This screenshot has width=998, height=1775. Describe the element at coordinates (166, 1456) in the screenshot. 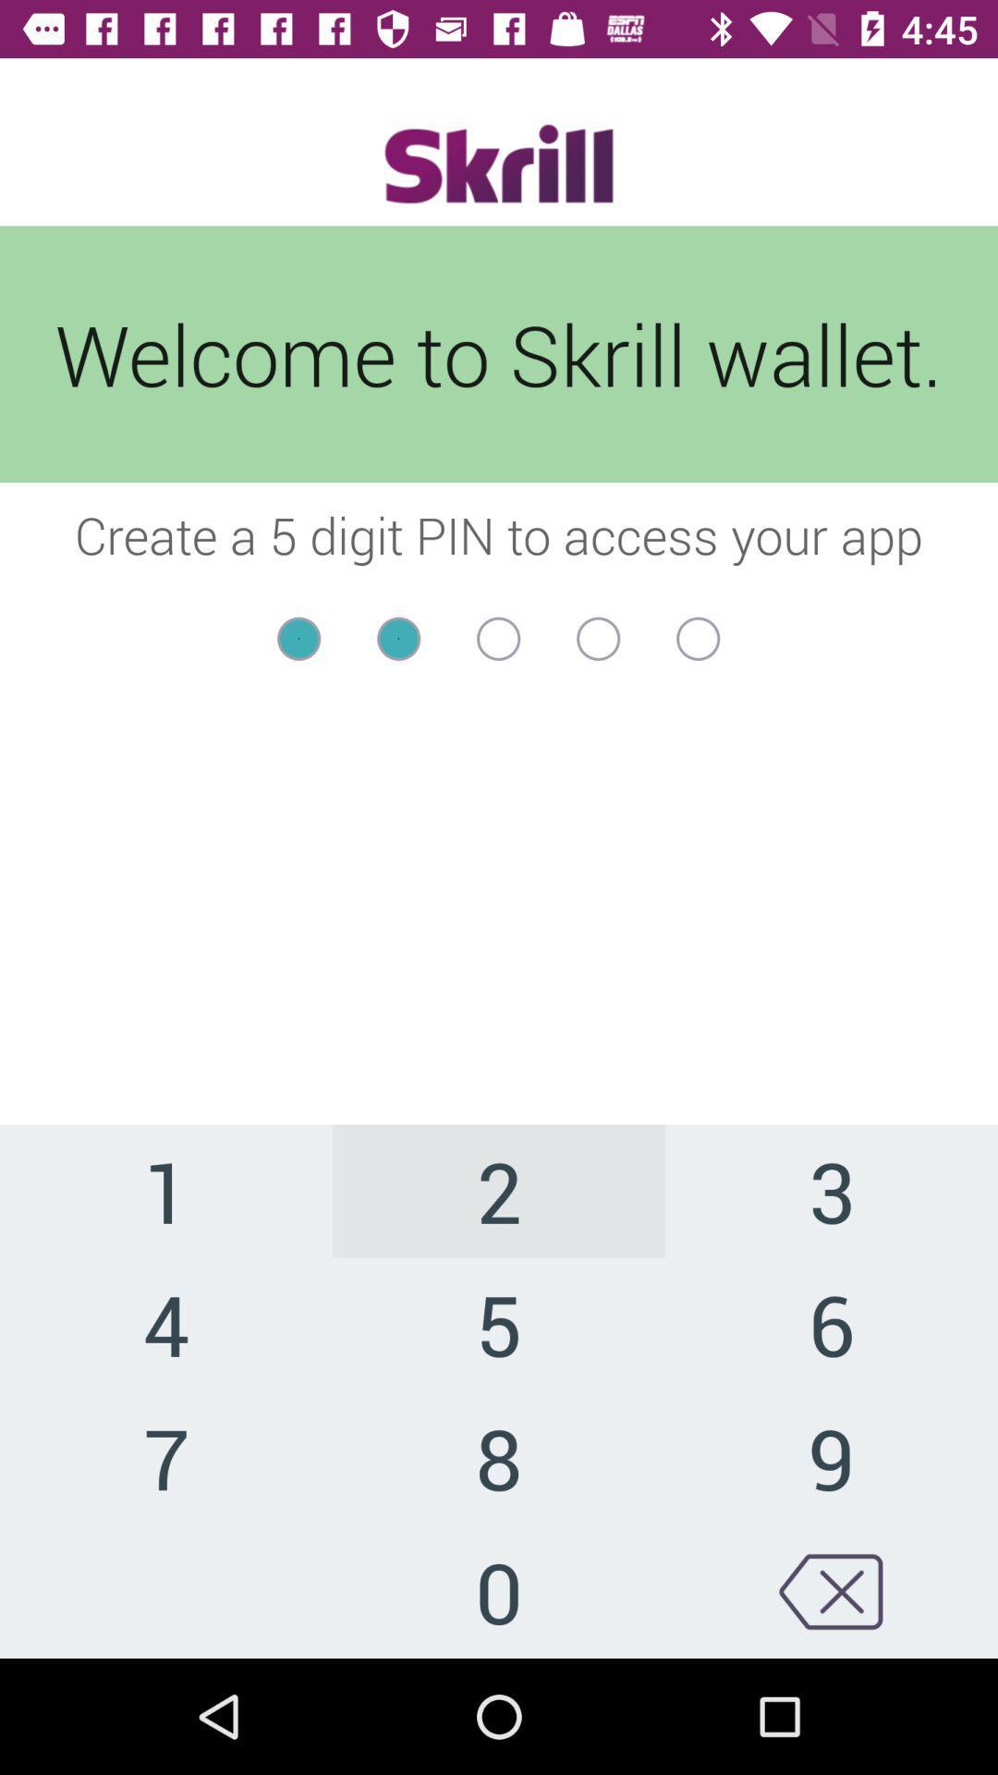

I see `item to the left of the 5 item` at that location.